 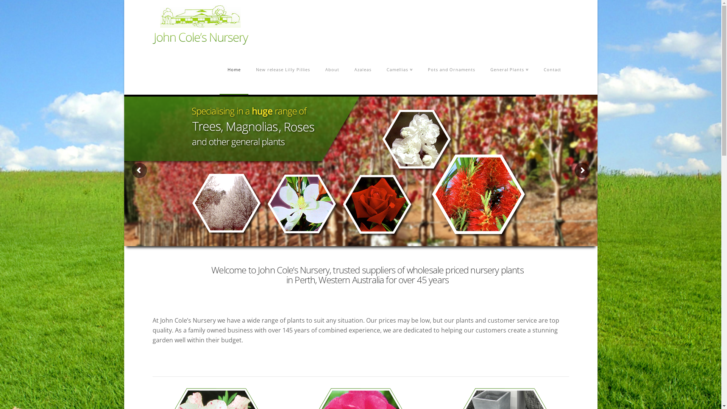 What do you see at coordinates (399, 69) in the screenshot?
I see `'Camellias'` at bounding box center [399, 69].